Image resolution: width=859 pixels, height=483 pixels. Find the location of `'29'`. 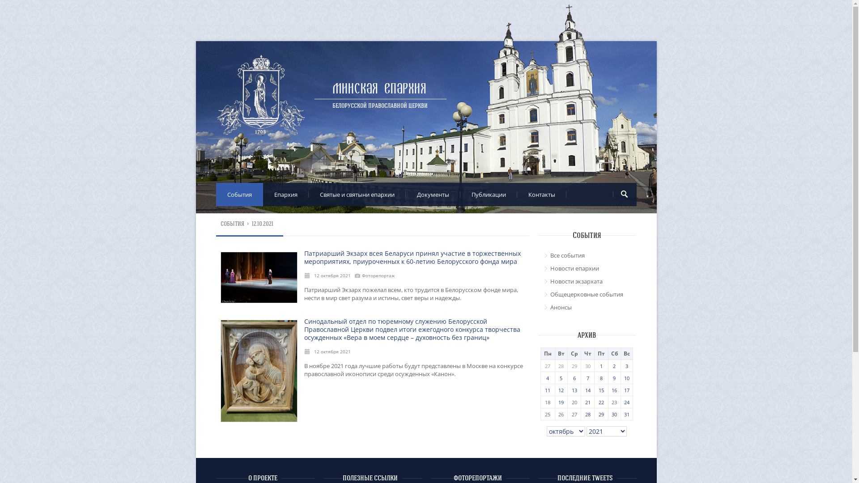

'29' is located at coordinates (601, 414).